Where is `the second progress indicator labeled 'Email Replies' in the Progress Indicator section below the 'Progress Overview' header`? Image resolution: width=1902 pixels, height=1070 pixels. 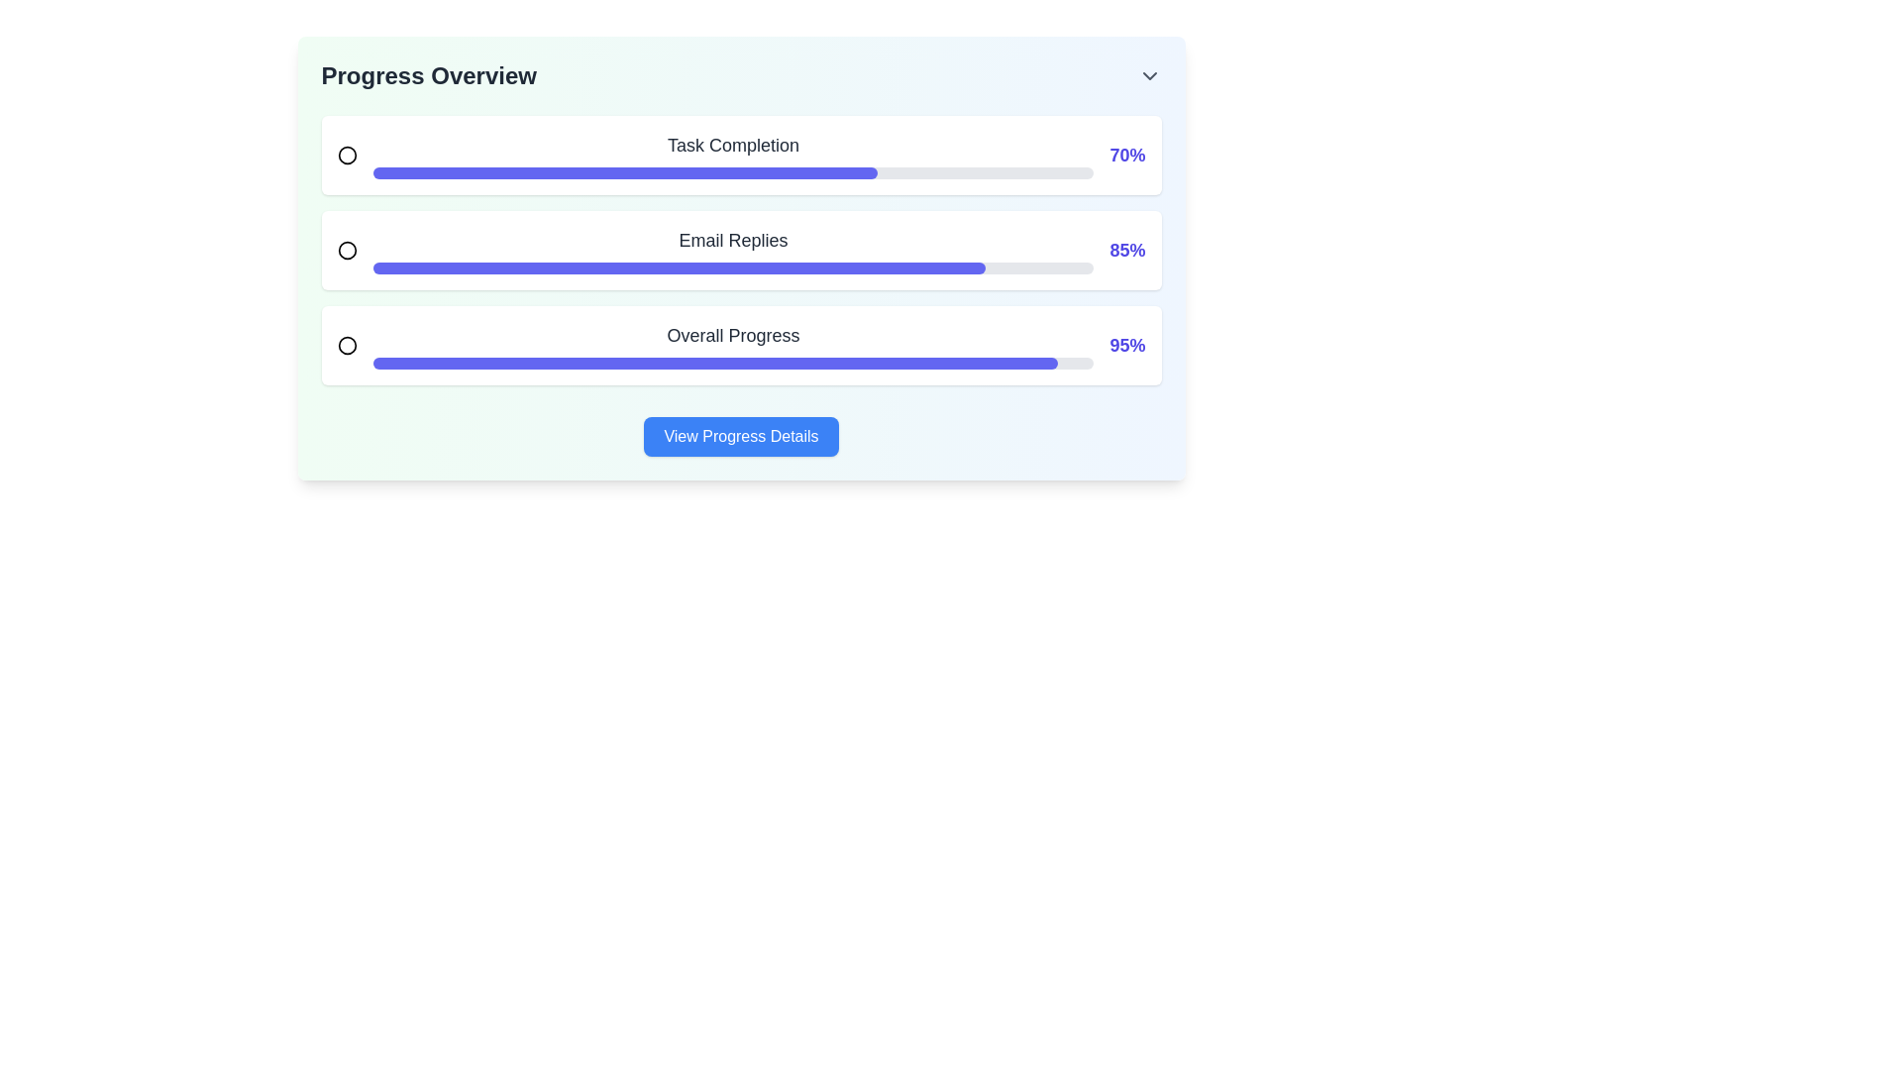 the second progress indicator labeled 'Email Replies' in the Progress Indicator section below the 'Progress Overview' header is located at coordinates (740, 250).